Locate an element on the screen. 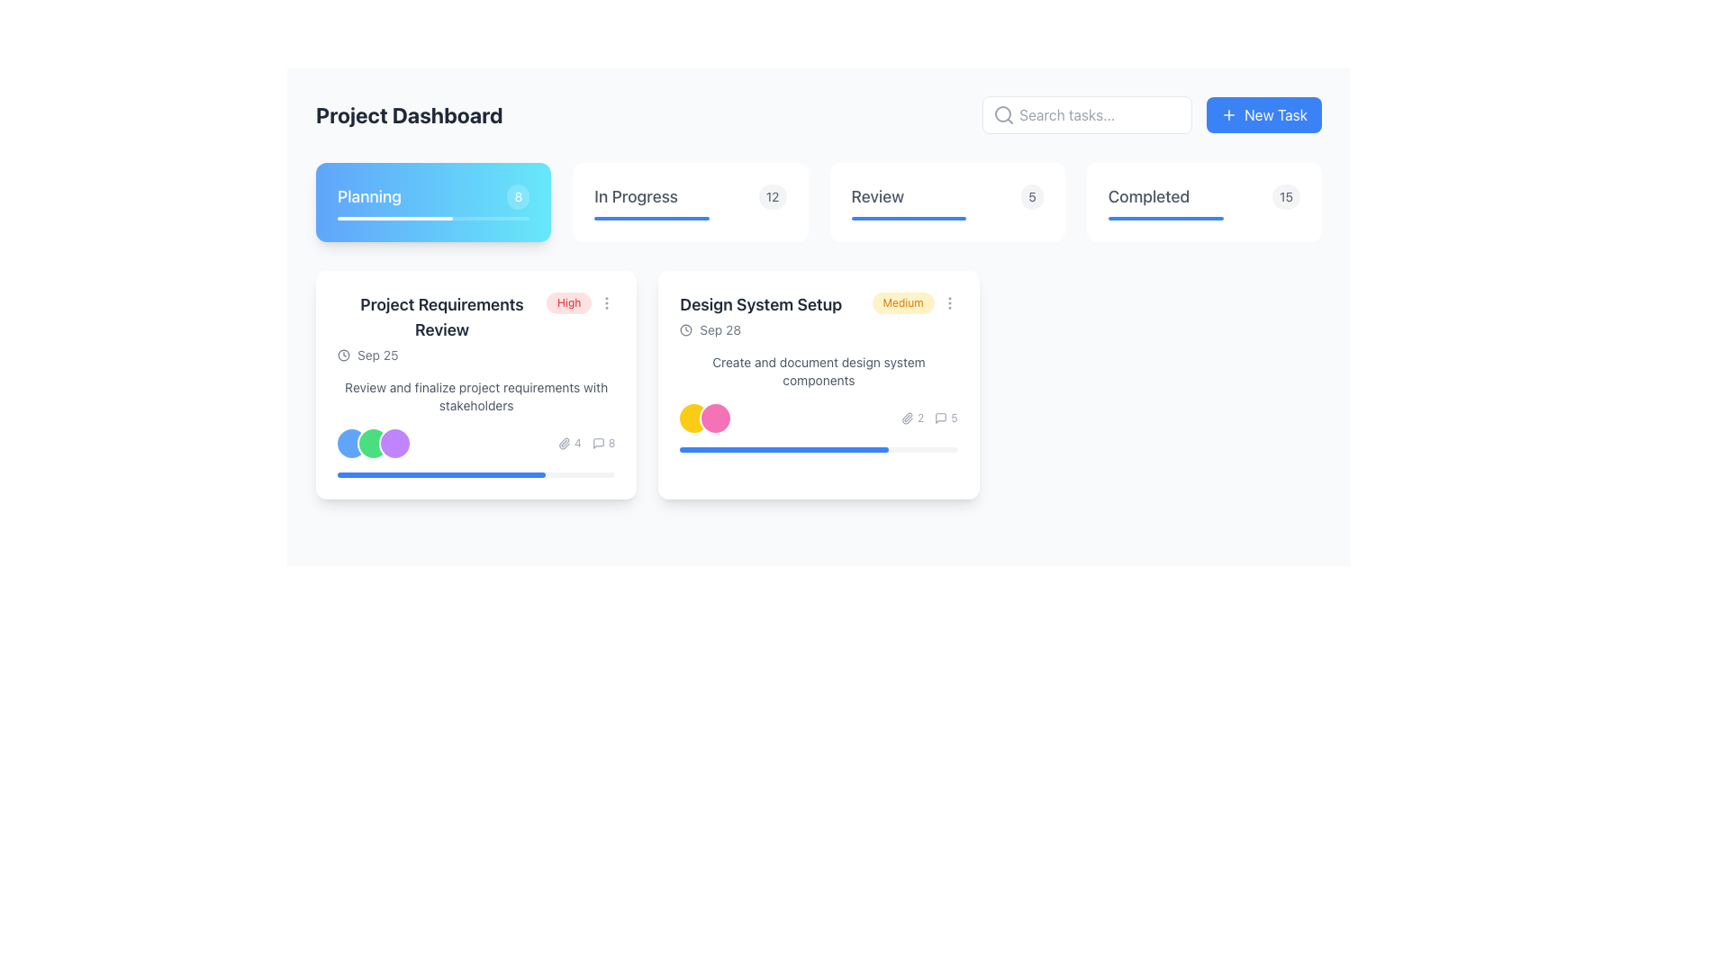 The height and width of the screenshot is (972, 1729). the text label that serves as the title for the 'Project Dashboard', located in the top-left section of the interface is located at coordinates (408, 114).